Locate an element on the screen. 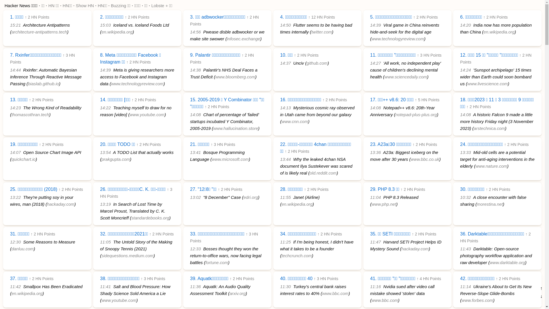  'thomascothran.tech' is located at coordinates (30, 114).